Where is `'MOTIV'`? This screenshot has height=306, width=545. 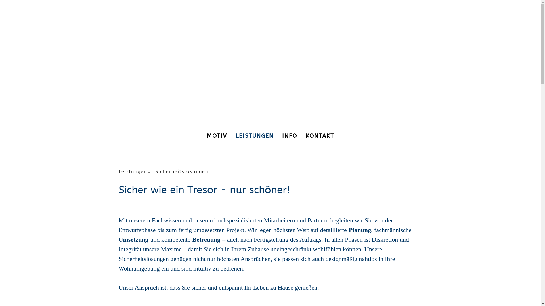
'MOTIV' is located at coordinates (217, 136).